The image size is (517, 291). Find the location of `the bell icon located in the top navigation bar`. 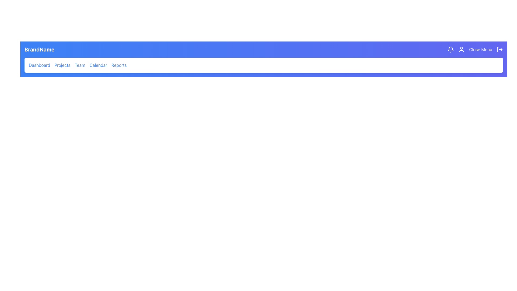

the bell icon located in the top navigation bar is located at coordinates (451, 50).